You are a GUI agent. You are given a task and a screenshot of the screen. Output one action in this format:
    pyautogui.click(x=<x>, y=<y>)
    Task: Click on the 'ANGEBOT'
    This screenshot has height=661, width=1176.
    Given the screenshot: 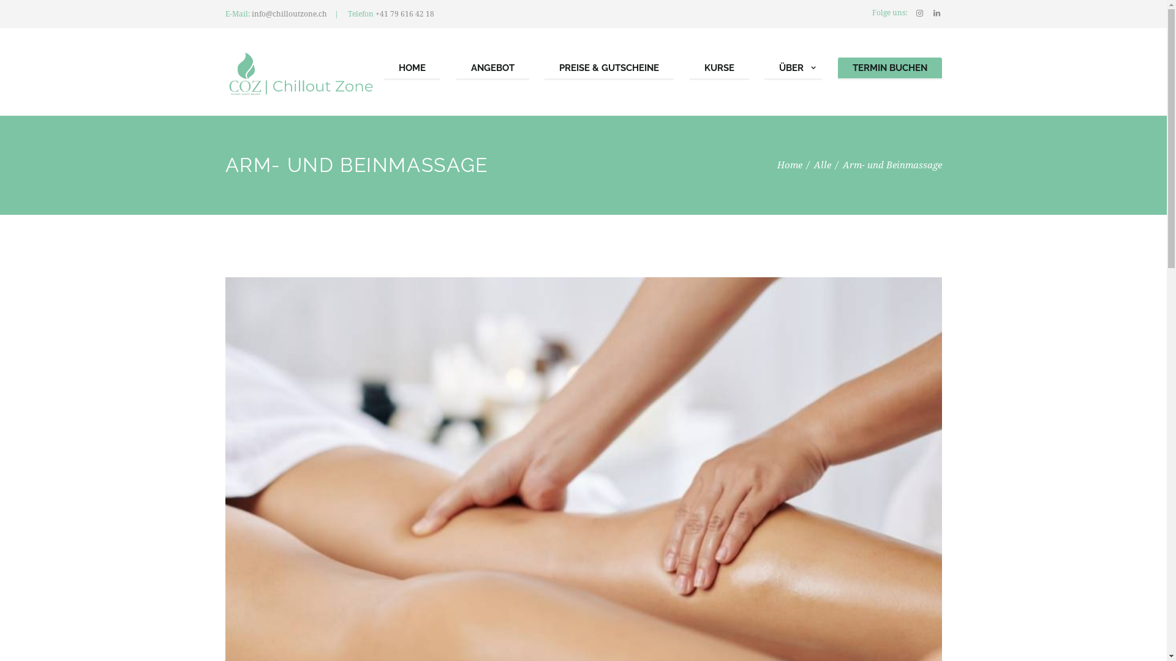 What is the action you would take?
    pyautogui.click(x=492, y=69)
    